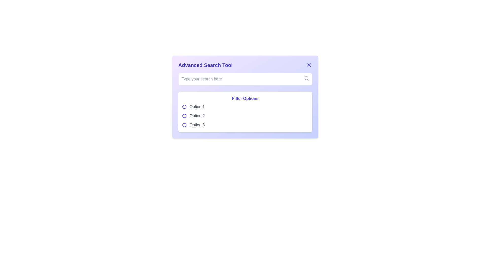 The width and height of the screenshot is (487, 274). I want to click on the text label reading 'Option 2' that is associated with a radio button under the header 'Filter Options', so click(197, 116).